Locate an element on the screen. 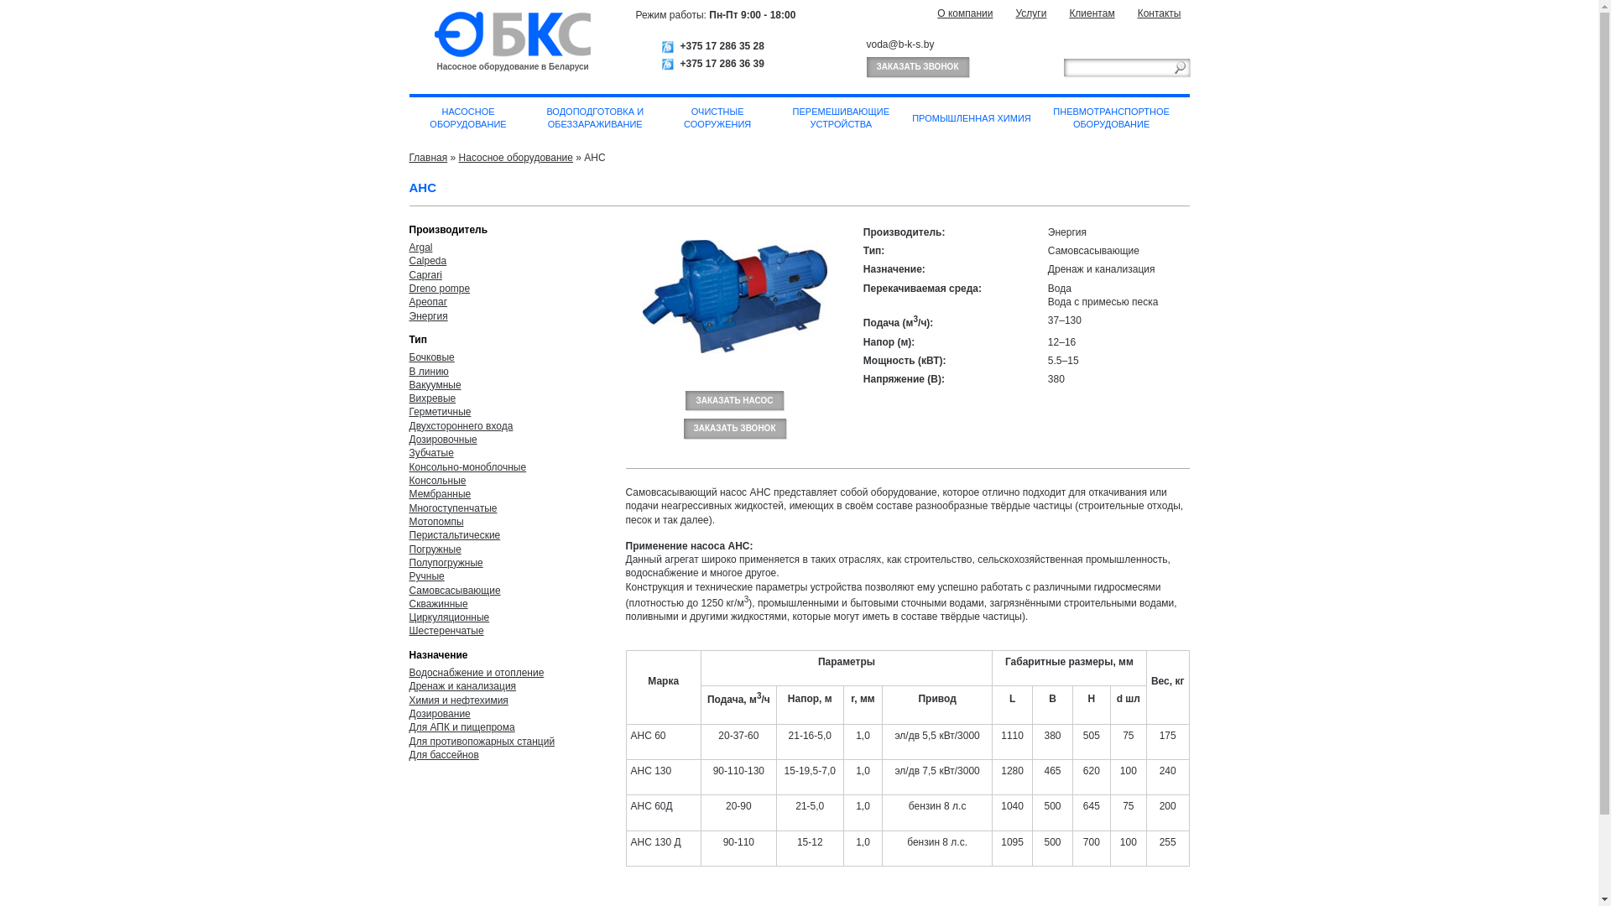 The width and height of the screenshot is (1611, 906). 'Caprari' is located at coordinates (425, 273).